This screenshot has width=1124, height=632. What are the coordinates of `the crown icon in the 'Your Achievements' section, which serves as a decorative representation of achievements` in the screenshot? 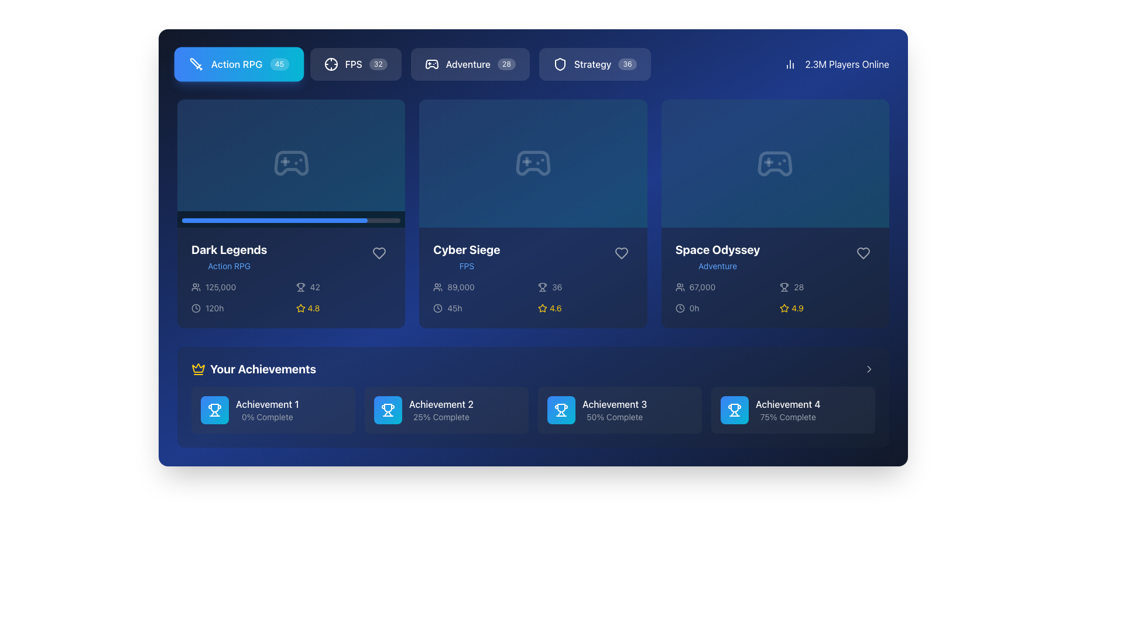 It's located at (198, 367).